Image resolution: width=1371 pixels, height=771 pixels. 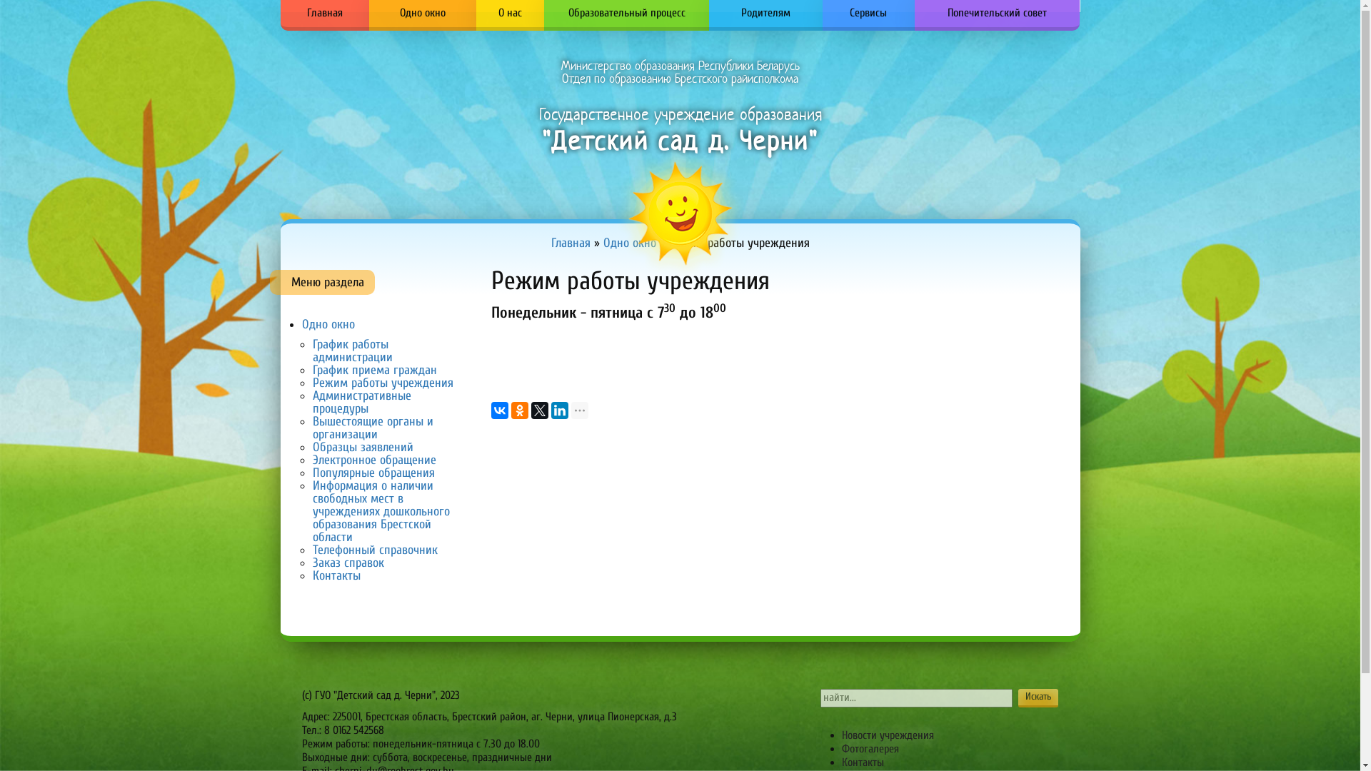 I want to click on 'Twitter', so click(x=531, y=410).